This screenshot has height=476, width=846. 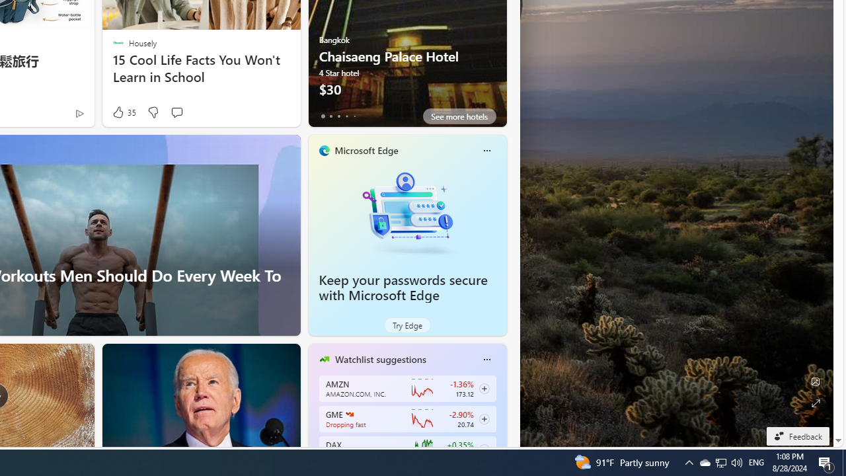 What do you see at coordinates (796, 436) in the screenshot?
I see `'Feedback'` at bounding box center [796, 436].